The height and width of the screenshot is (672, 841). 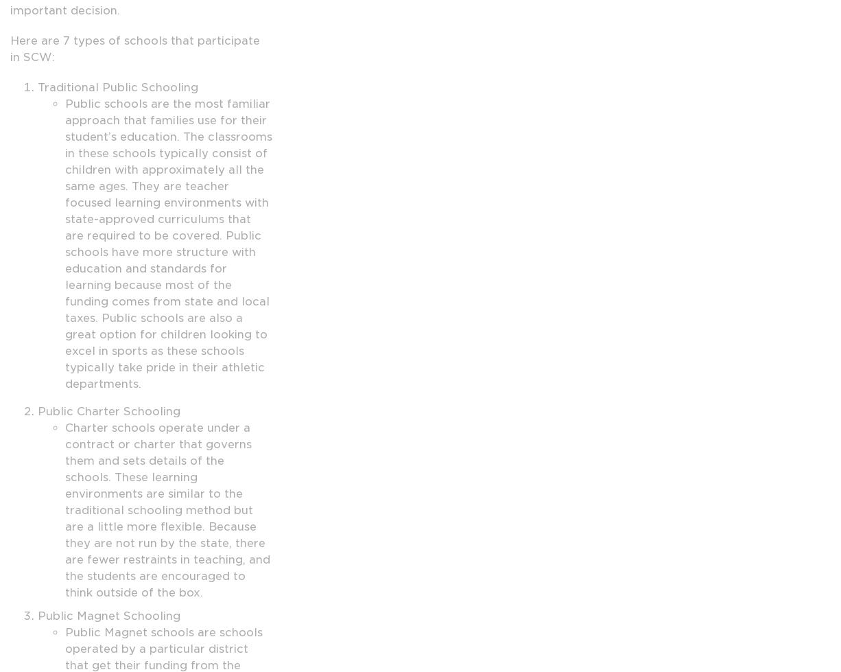 What do you see at coordinates (166, 511) in the screenshot?
I see `'Blog'` at bounding box center [166, 511].